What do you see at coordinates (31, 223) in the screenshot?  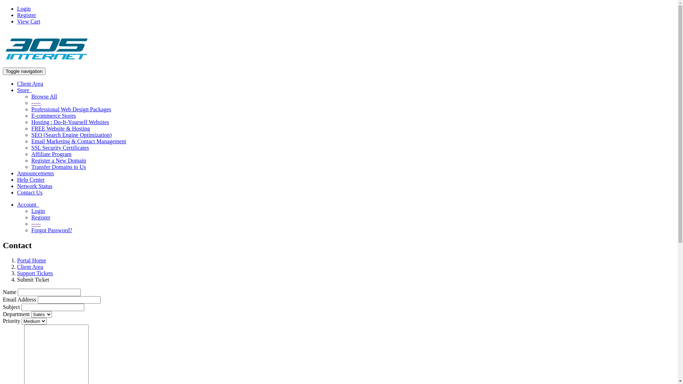 I see `'-----'` at bounding box center [31, 223].